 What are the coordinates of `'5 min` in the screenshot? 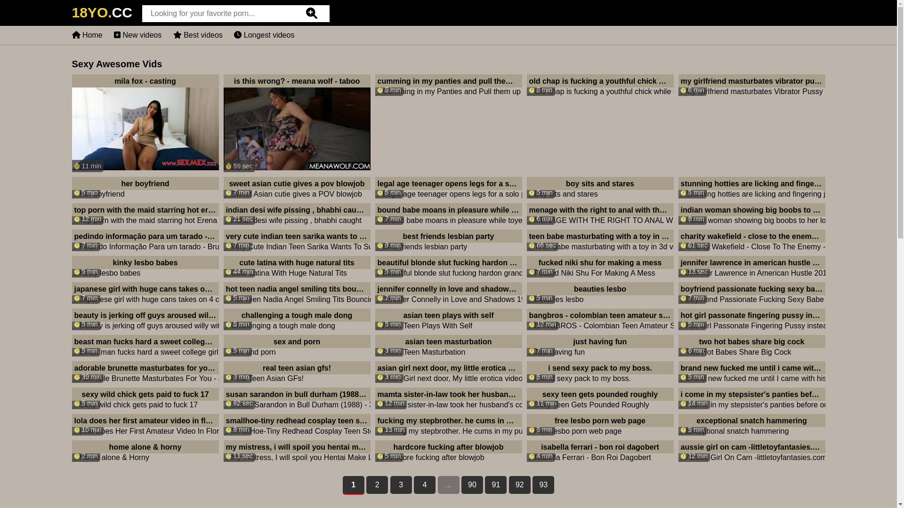 It's located at (599, 293).